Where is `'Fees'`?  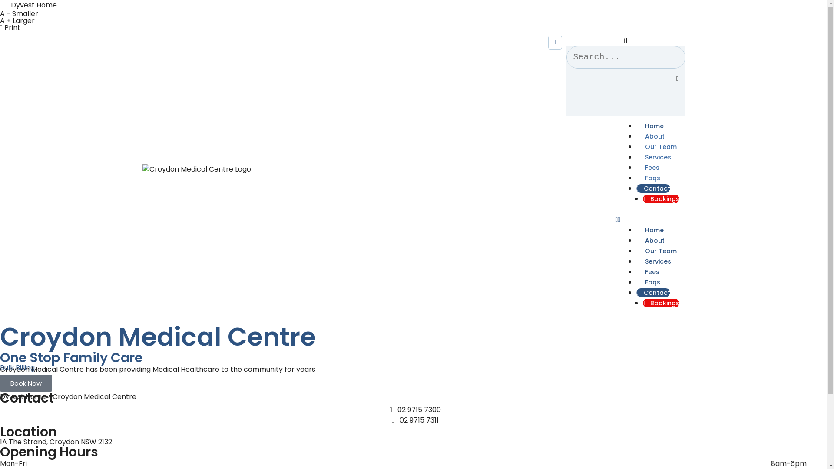
'Fees' is located at coordinates (644, 272).